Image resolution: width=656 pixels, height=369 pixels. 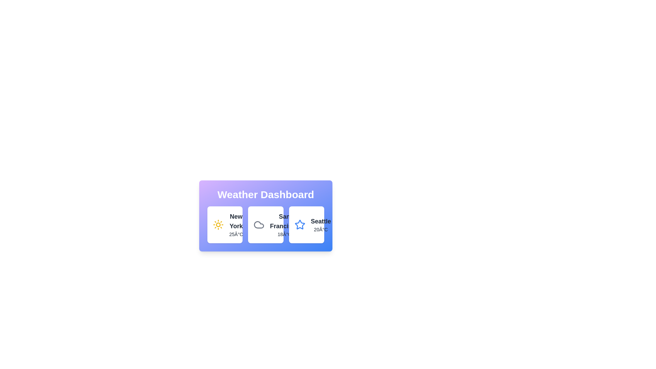 What do you see at coordinates (218, 225) in the screenshot?
I see `the decorative SVG circle at the center of the sun icon in the New York weather card, which represents sunny weather conditions` at bounding box center [218, 225].